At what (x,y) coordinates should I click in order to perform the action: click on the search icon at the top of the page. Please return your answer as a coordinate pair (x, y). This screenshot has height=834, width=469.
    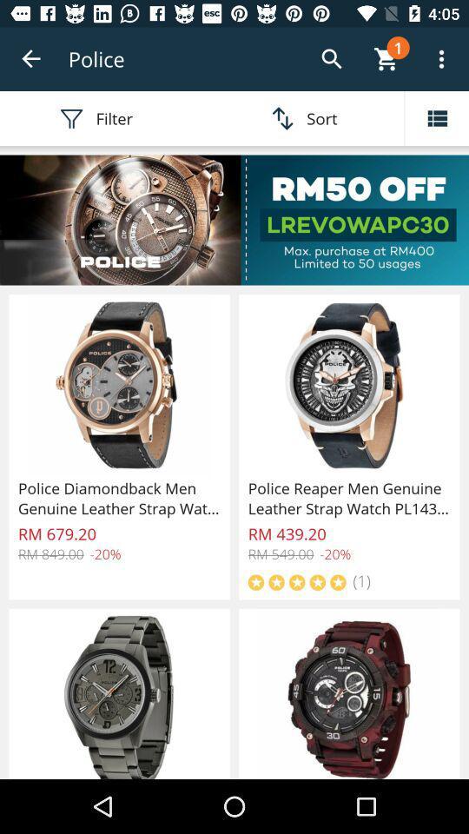
    Looking at the image, I should click on (332, 59).